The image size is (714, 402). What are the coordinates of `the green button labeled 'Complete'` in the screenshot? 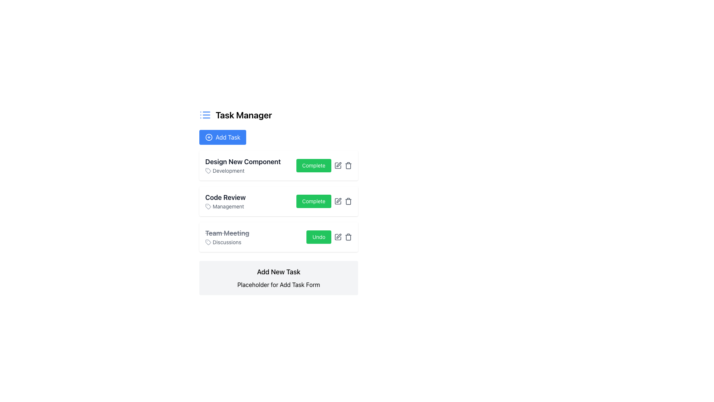 It's located at (313, 201).